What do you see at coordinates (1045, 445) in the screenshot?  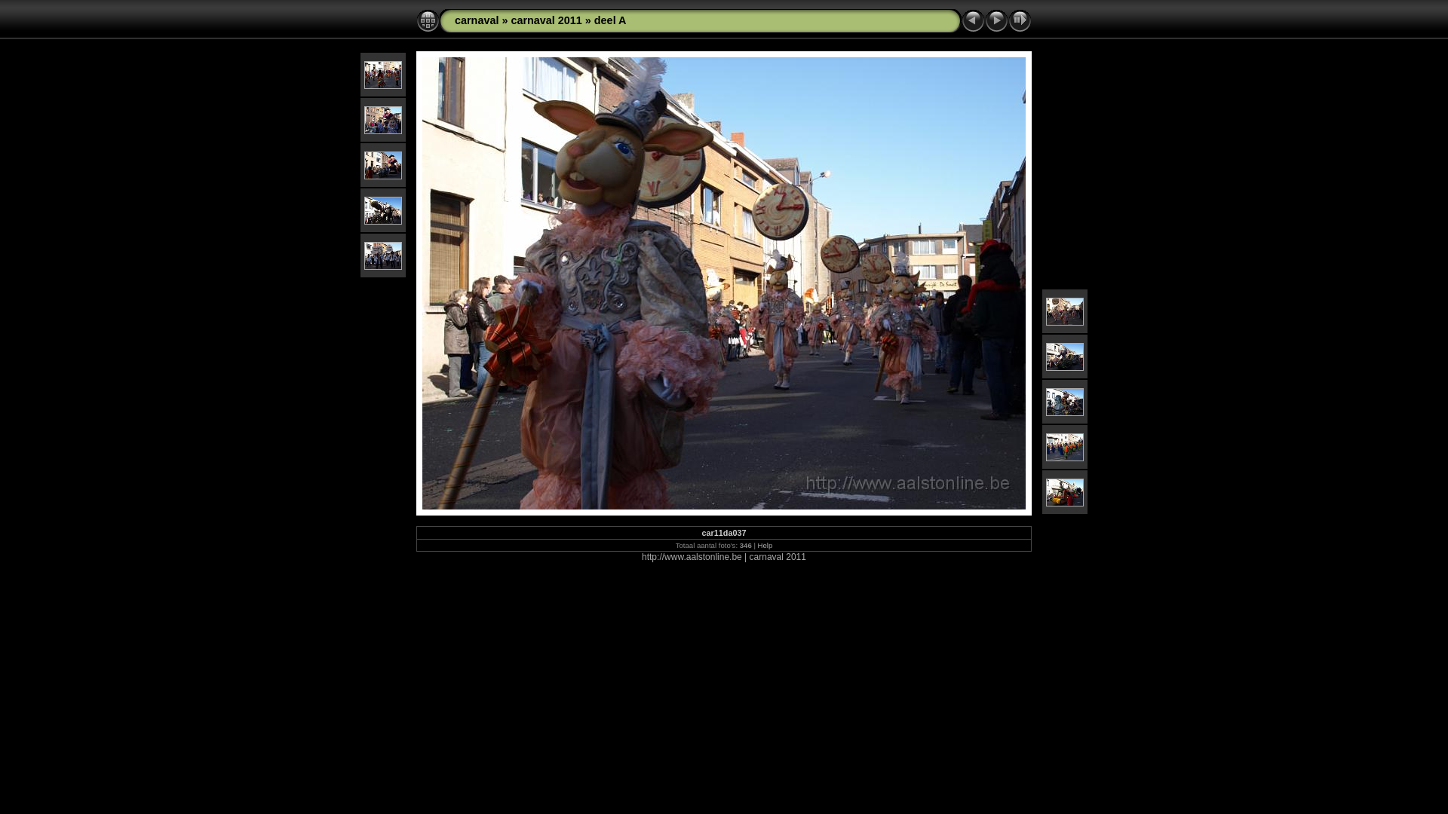 I see `' car11da048.JPG '` at bounding box center [1045, 445].